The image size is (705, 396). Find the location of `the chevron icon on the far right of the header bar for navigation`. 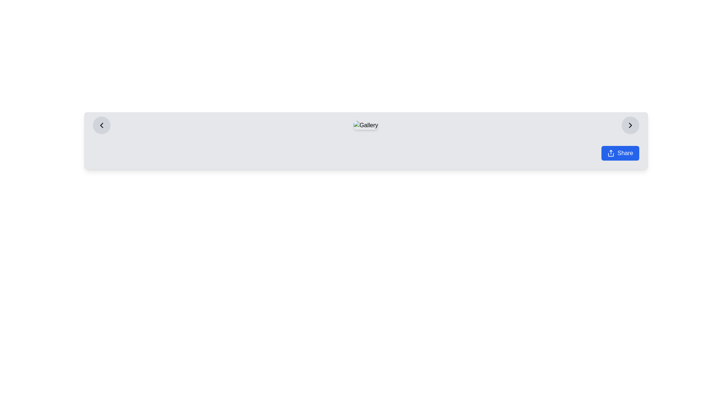

the chevron icon on the far right of the header bar for navigation is located at coordinates (630, 125).